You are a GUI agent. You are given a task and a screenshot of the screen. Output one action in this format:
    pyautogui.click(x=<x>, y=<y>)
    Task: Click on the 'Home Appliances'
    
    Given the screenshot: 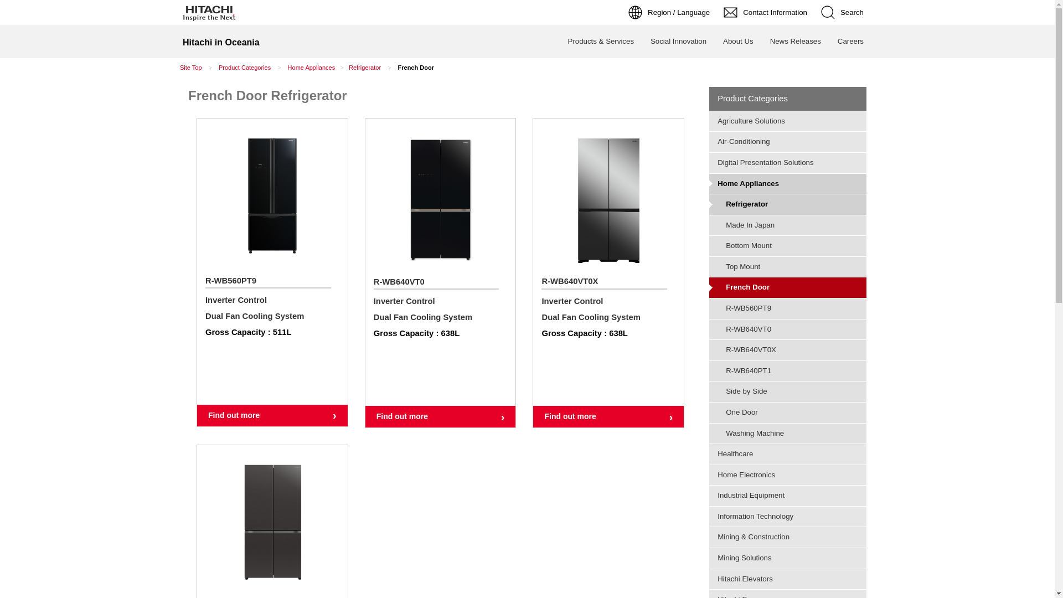 What is the action you would take?
    pyautogui.click(x=709, y=183)
    